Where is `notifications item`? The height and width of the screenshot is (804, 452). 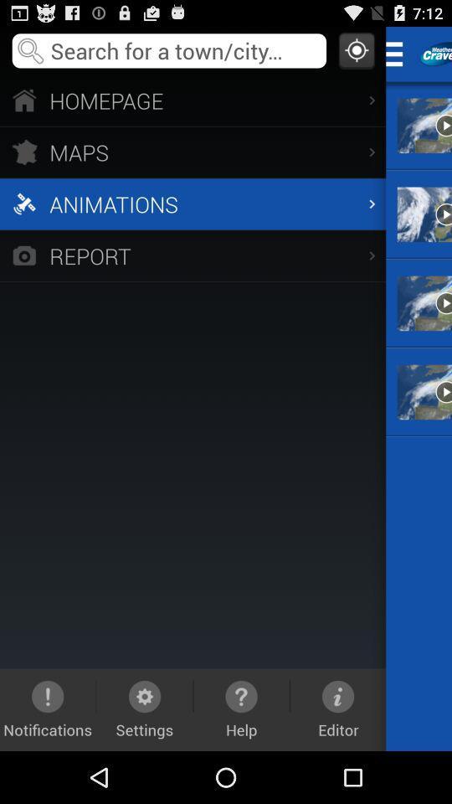
notifications item is located at coordinates (48, 709).